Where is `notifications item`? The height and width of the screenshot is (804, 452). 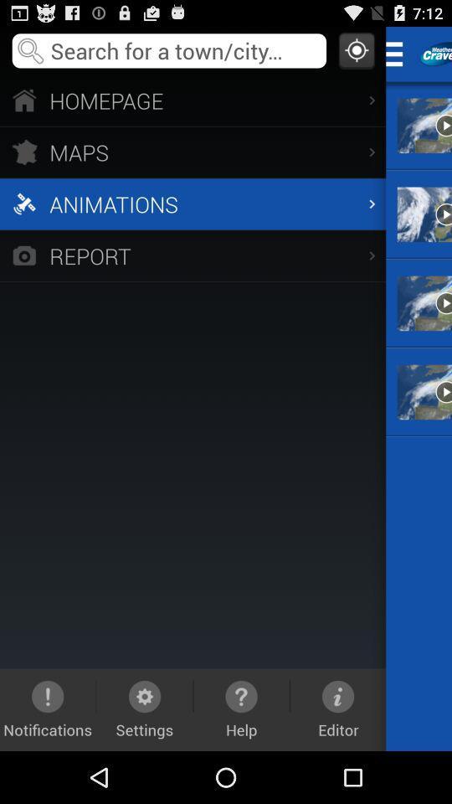
notifications item is located at coordinates (48, 709).